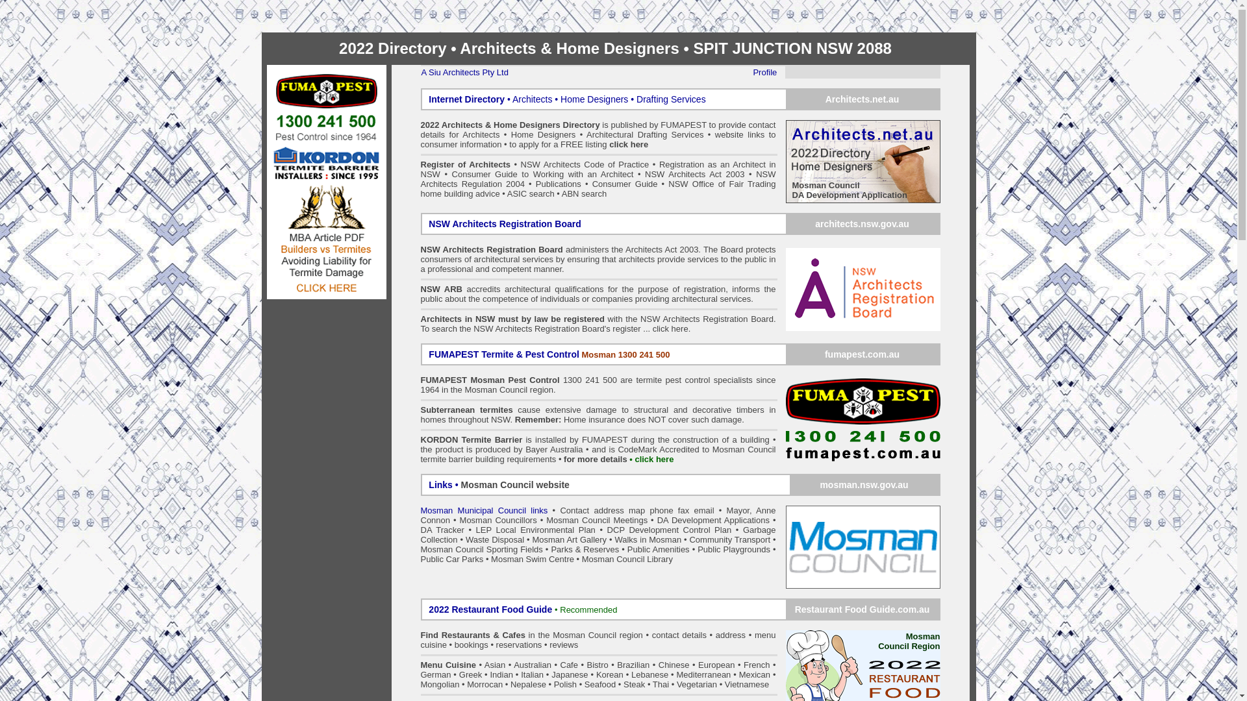 This screenshot has height=701, width=1247. Describe the element at coordinates (583, 193) in the screenshot. I see `'ABN search'` at that location.